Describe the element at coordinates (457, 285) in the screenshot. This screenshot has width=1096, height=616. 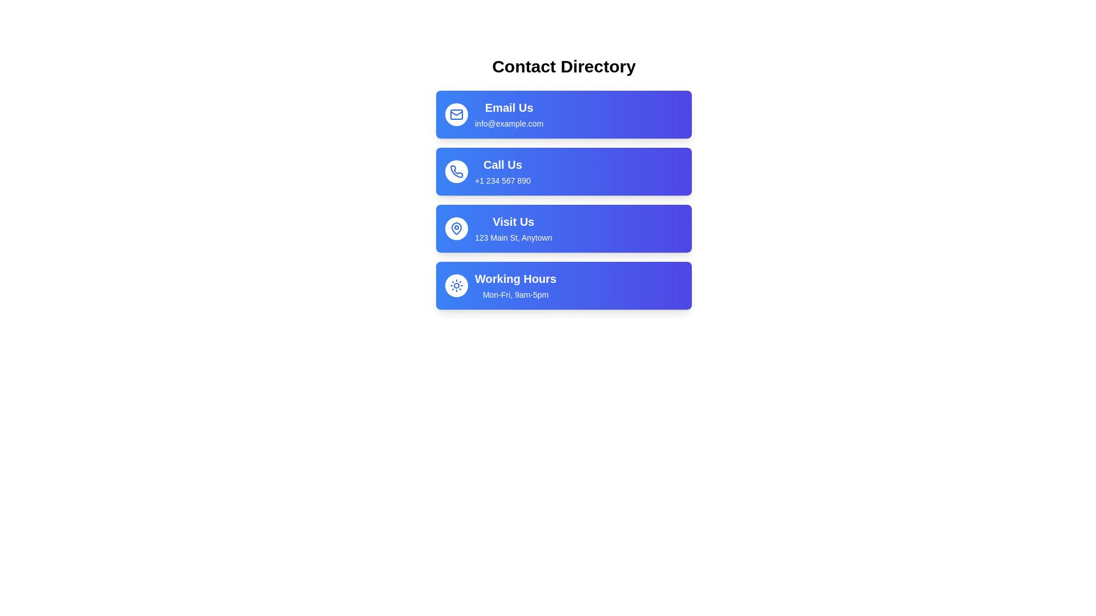
I see `the sun-shaped icon located in the center-right of the 'Call Us' button, which is positioned above the 'Visit Us' button and below the 'Email Us' button` at that location.